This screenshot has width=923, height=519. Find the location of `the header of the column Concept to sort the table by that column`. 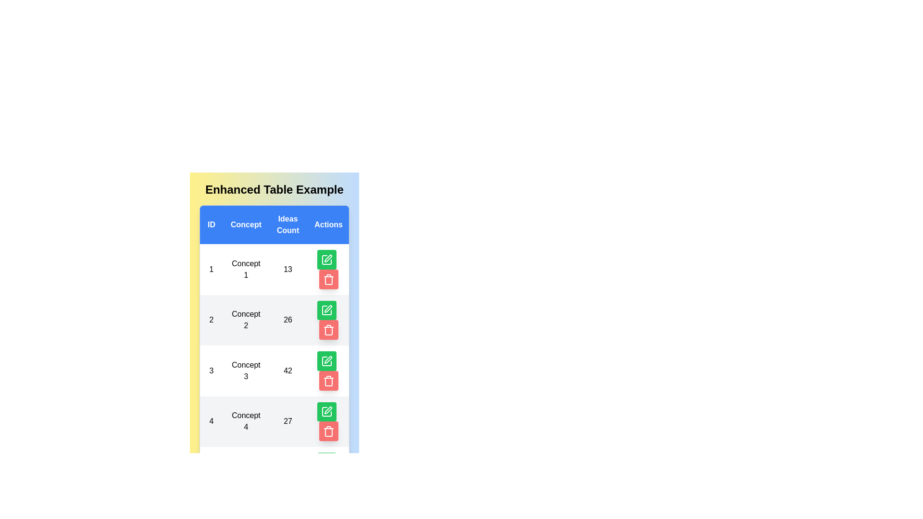

the header of the column Concept to sort the table by that column is located at coordinates (246, 224).